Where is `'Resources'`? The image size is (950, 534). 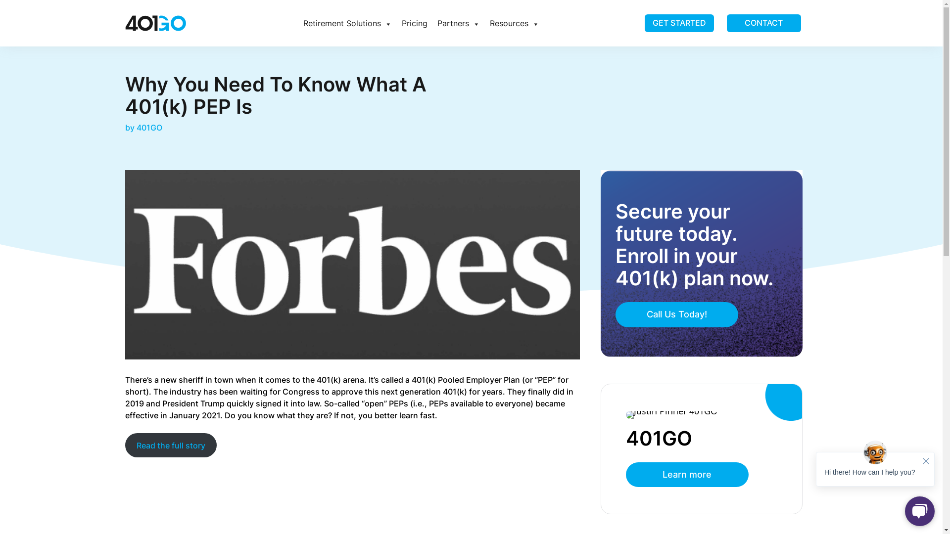 'Resources' is located at coordinates (484, 22).